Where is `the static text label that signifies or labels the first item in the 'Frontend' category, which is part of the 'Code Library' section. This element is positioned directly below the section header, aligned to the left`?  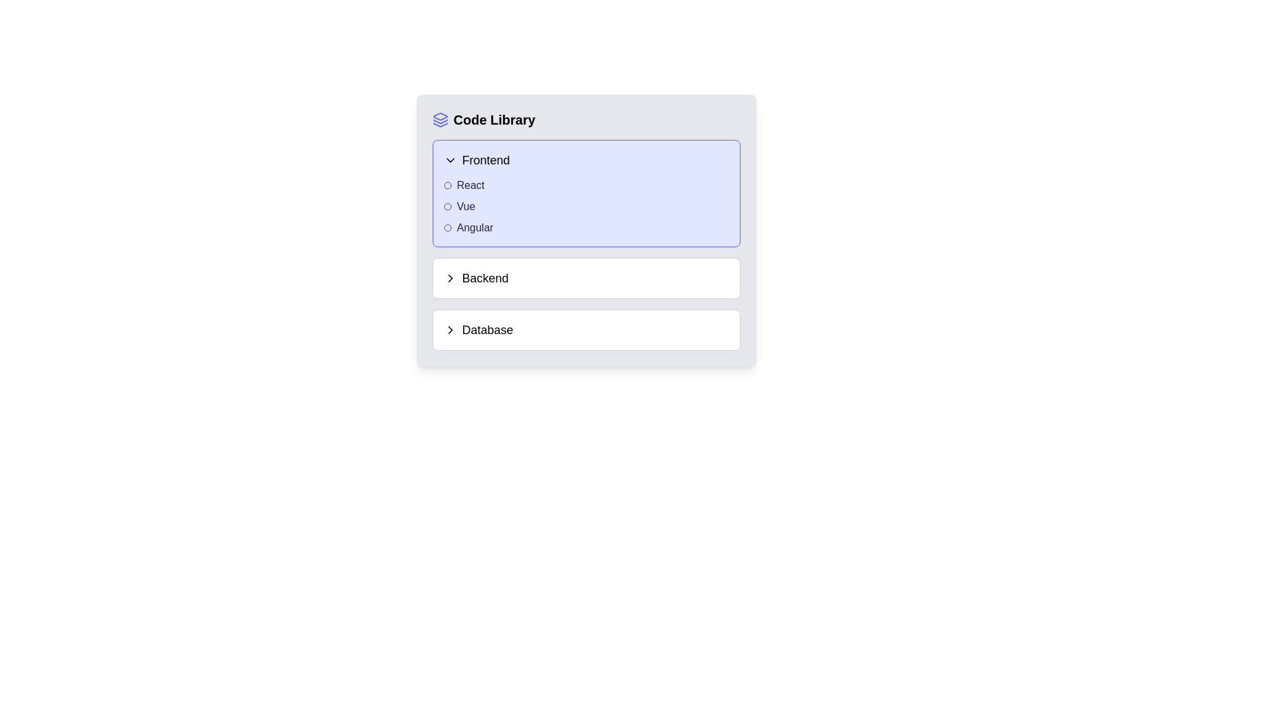
the static text label that signifies or labels the first item in the 'Frontend' category, which is part of the 'Code Library' section. This element is positioned directly below the section header, aligned to the left is located at coordinates (470, 186).